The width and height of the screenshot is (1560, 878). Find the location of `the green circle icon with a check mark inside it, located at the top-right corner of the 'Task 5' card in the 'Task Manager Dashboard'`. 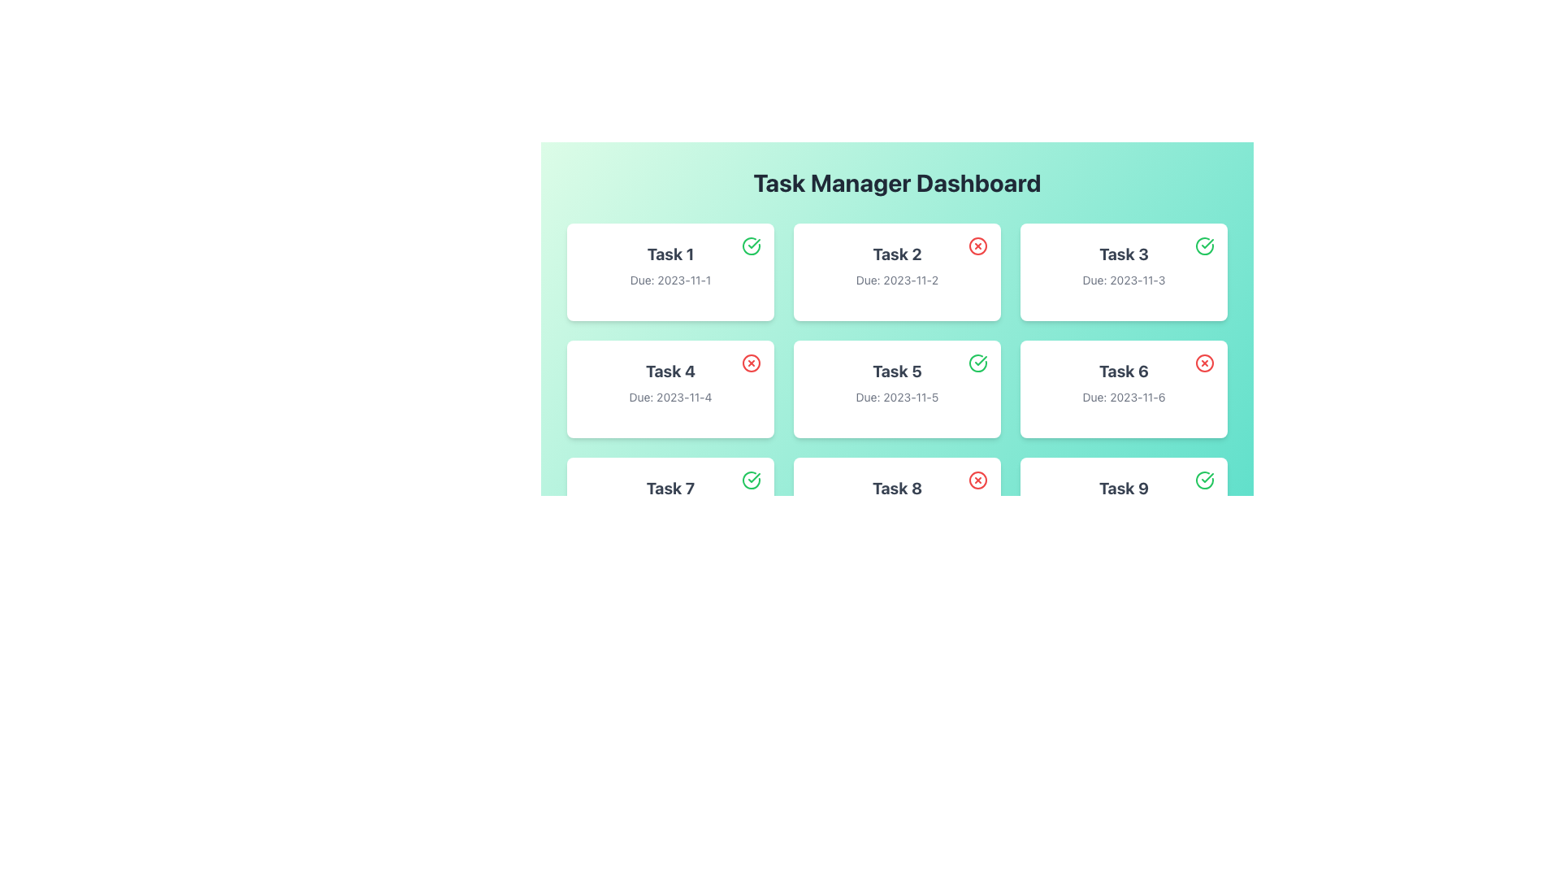

the green circle icon with a check mark inside it, located at the top-right corner of the 'Task 5' card in the 'Task Manager Dashboard' is located at coordinates (977, 363).